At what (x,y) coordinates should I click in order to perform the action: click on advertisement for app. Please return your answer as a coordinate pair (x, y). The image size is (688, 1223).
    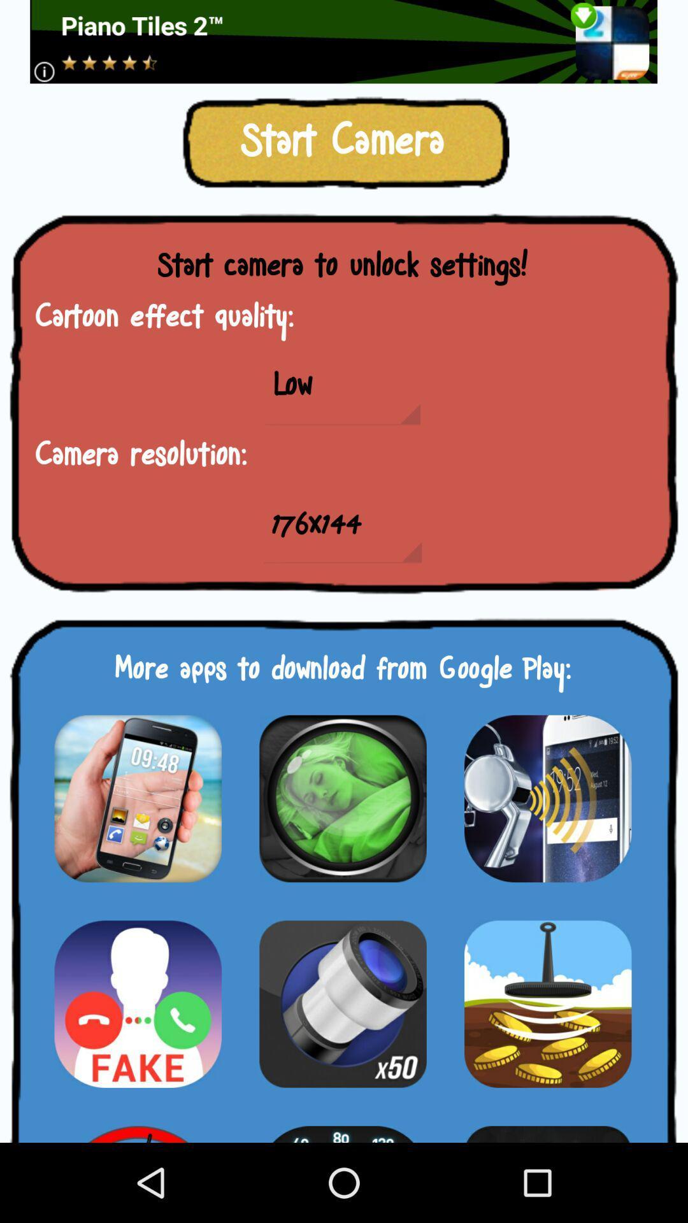
    Looking at the image, I should click on (342, 797).